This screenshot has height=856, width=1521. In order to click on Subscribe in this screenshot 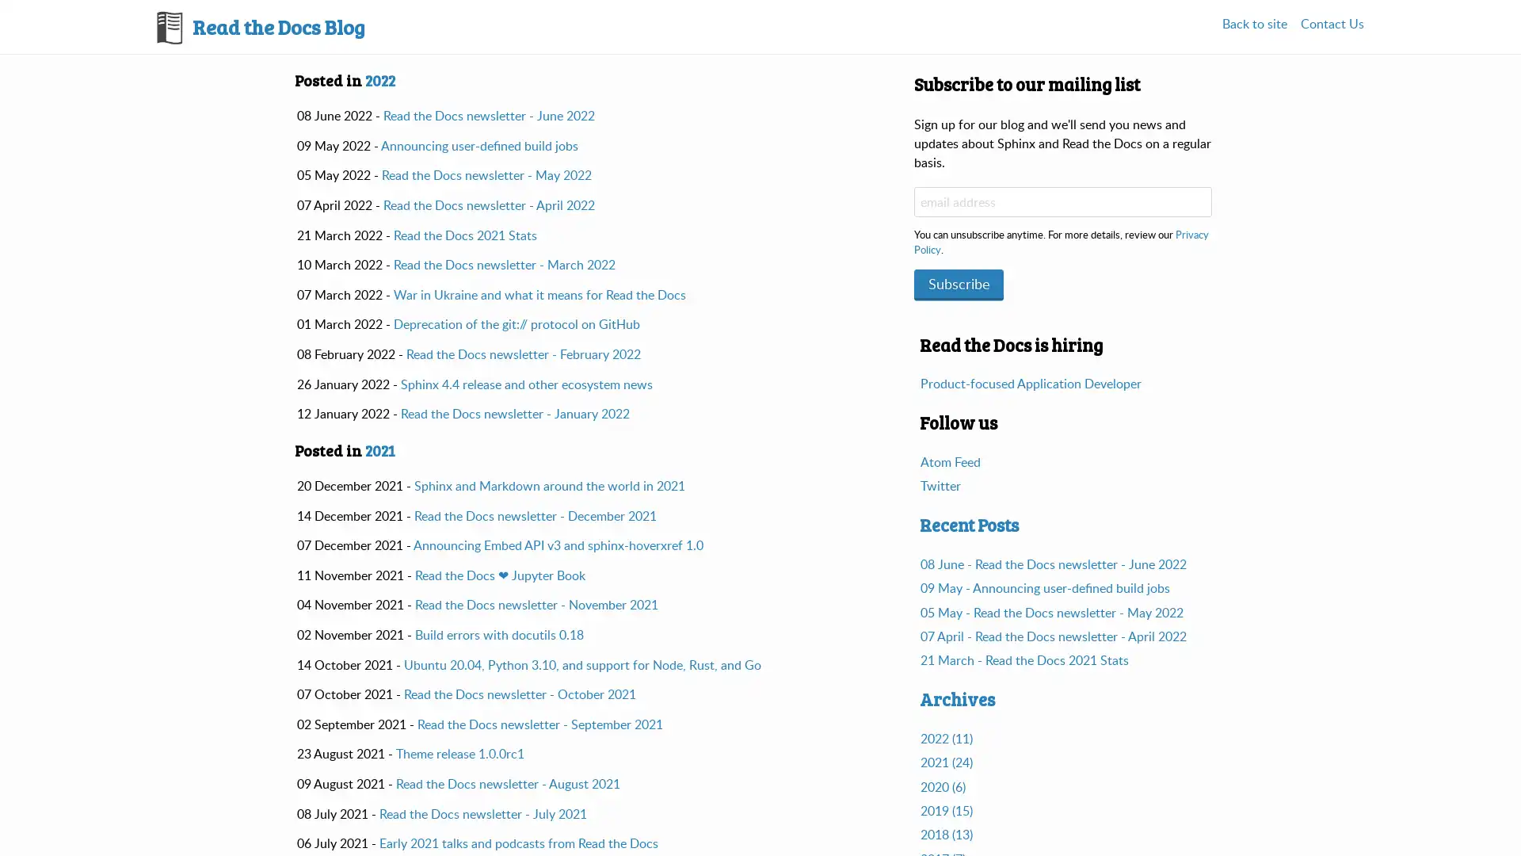, I will do `click(958, 282)`.